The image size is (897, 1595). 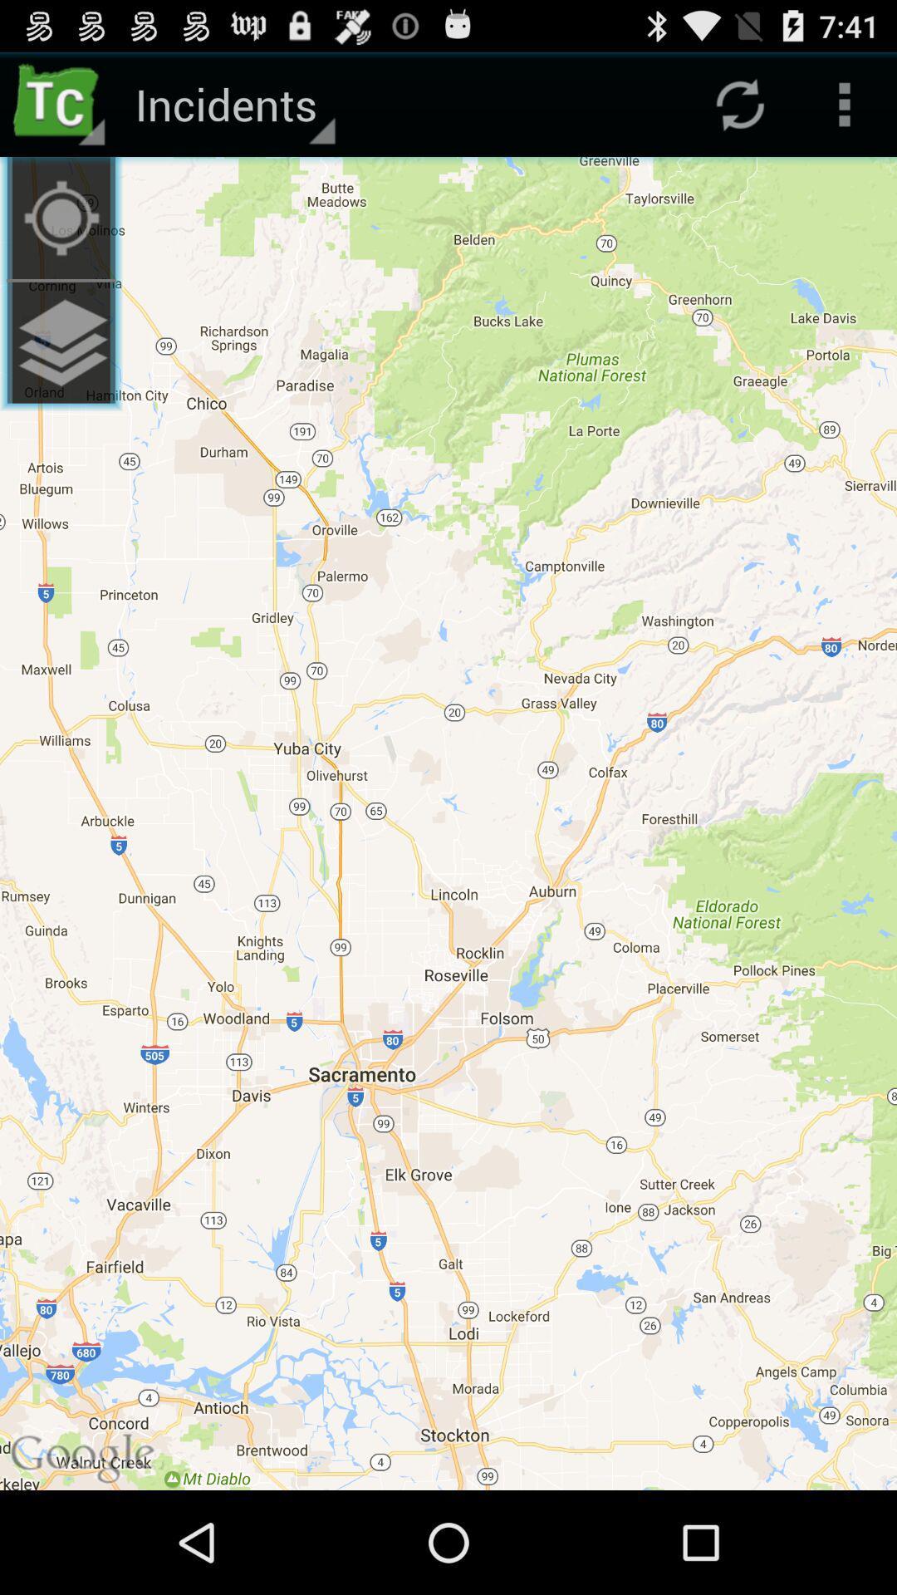 What do you see at coordinates (739, 110) in the screenshot?
I see `the refresh icon` at bounding box center [739, 110].